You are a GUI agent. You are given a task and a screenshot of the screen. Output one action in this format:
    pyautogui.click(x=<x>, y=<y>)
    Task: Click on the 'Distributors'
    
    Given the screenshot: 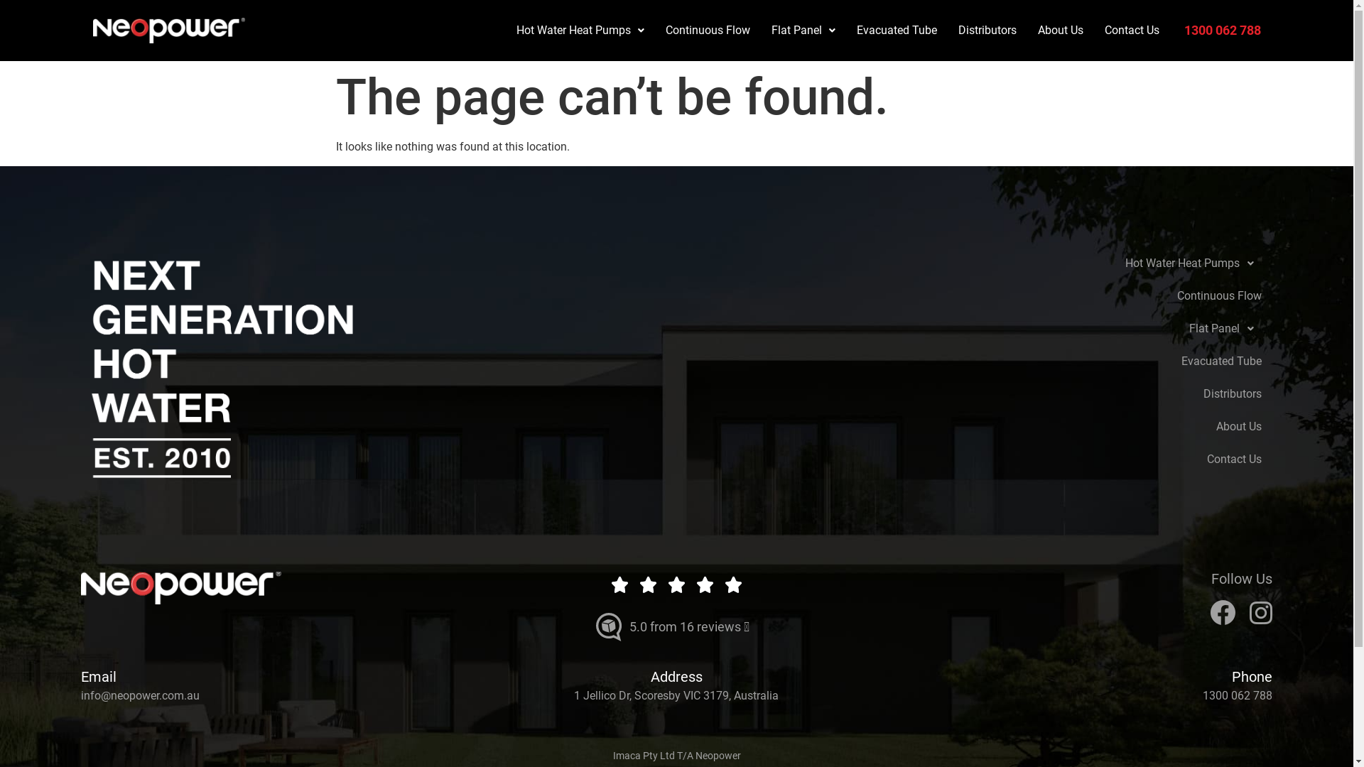 What is the action you would take?
    pyautogui.click(x=948, y=30)
    